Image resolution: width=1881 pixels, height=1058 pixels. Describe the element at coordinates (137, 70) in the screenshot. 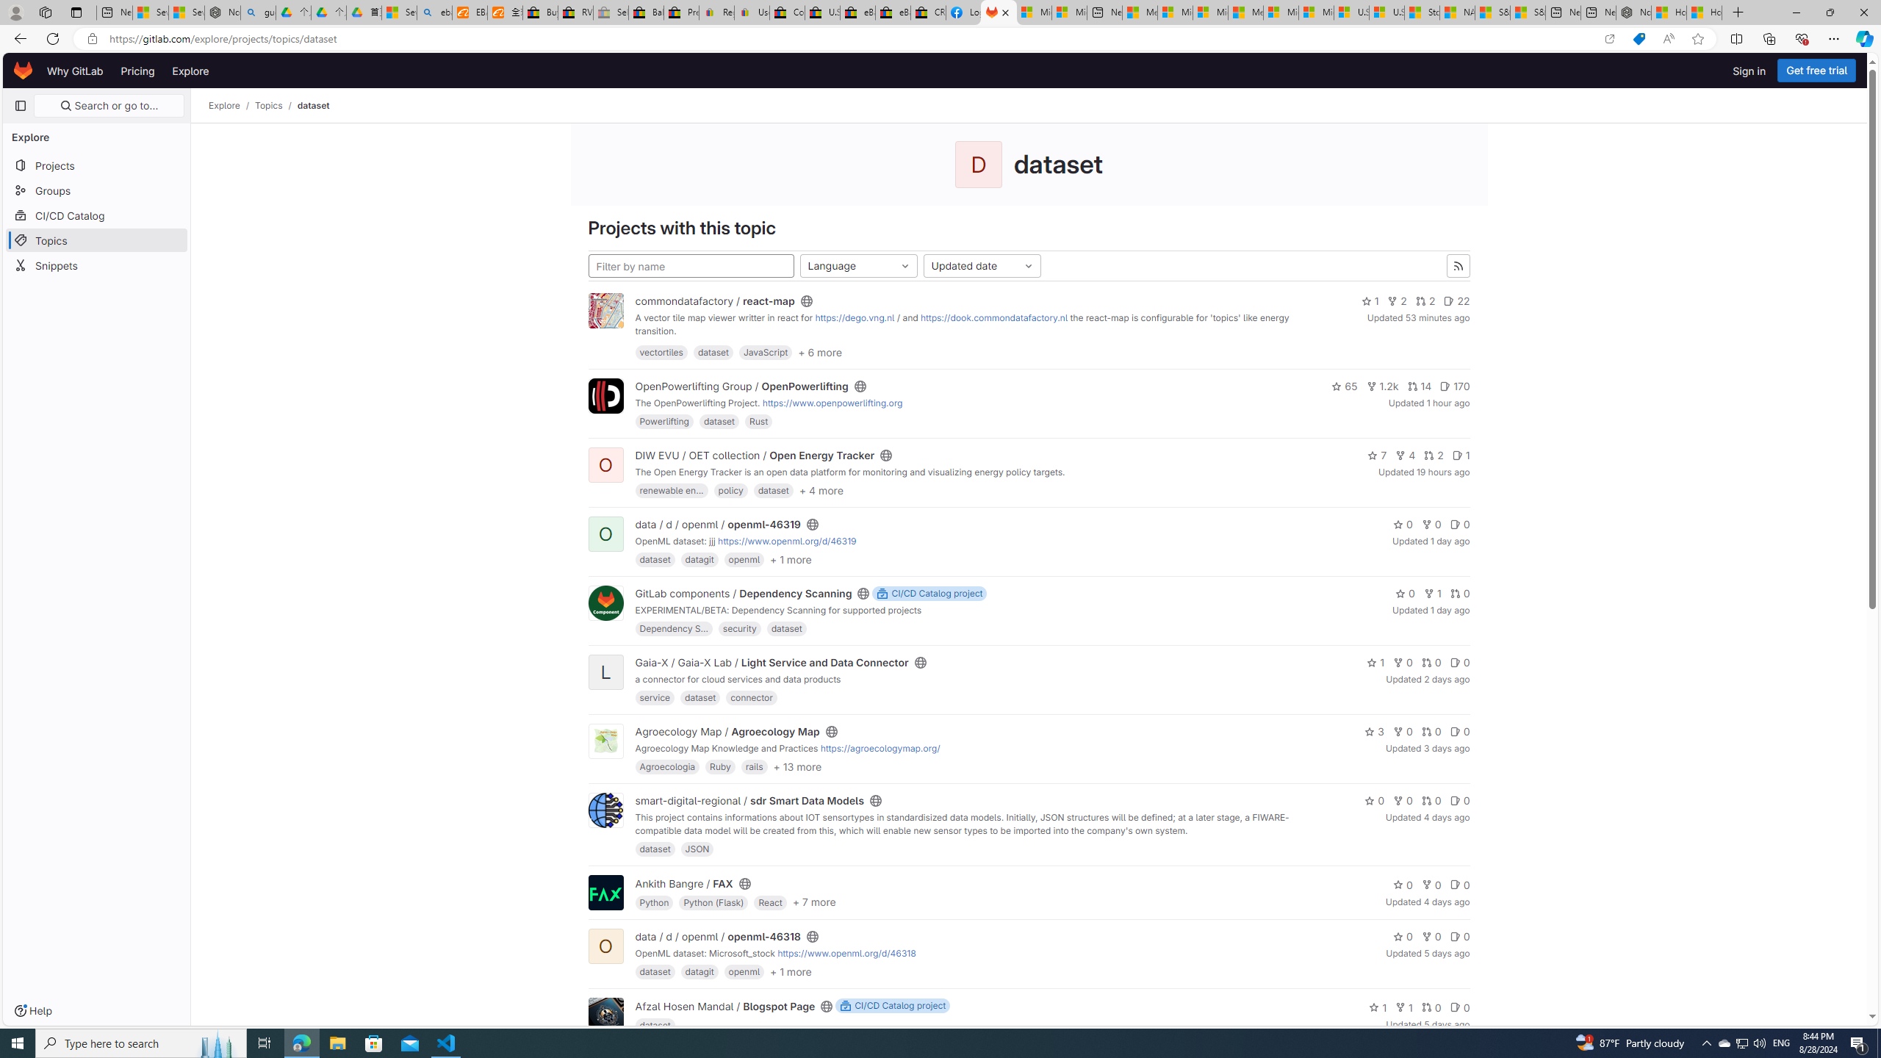

I see `'Pricing'` at that location.